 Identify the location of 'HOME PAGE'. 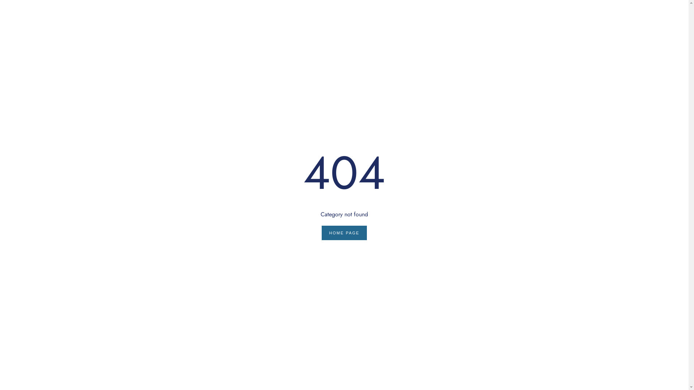
(344, 233).